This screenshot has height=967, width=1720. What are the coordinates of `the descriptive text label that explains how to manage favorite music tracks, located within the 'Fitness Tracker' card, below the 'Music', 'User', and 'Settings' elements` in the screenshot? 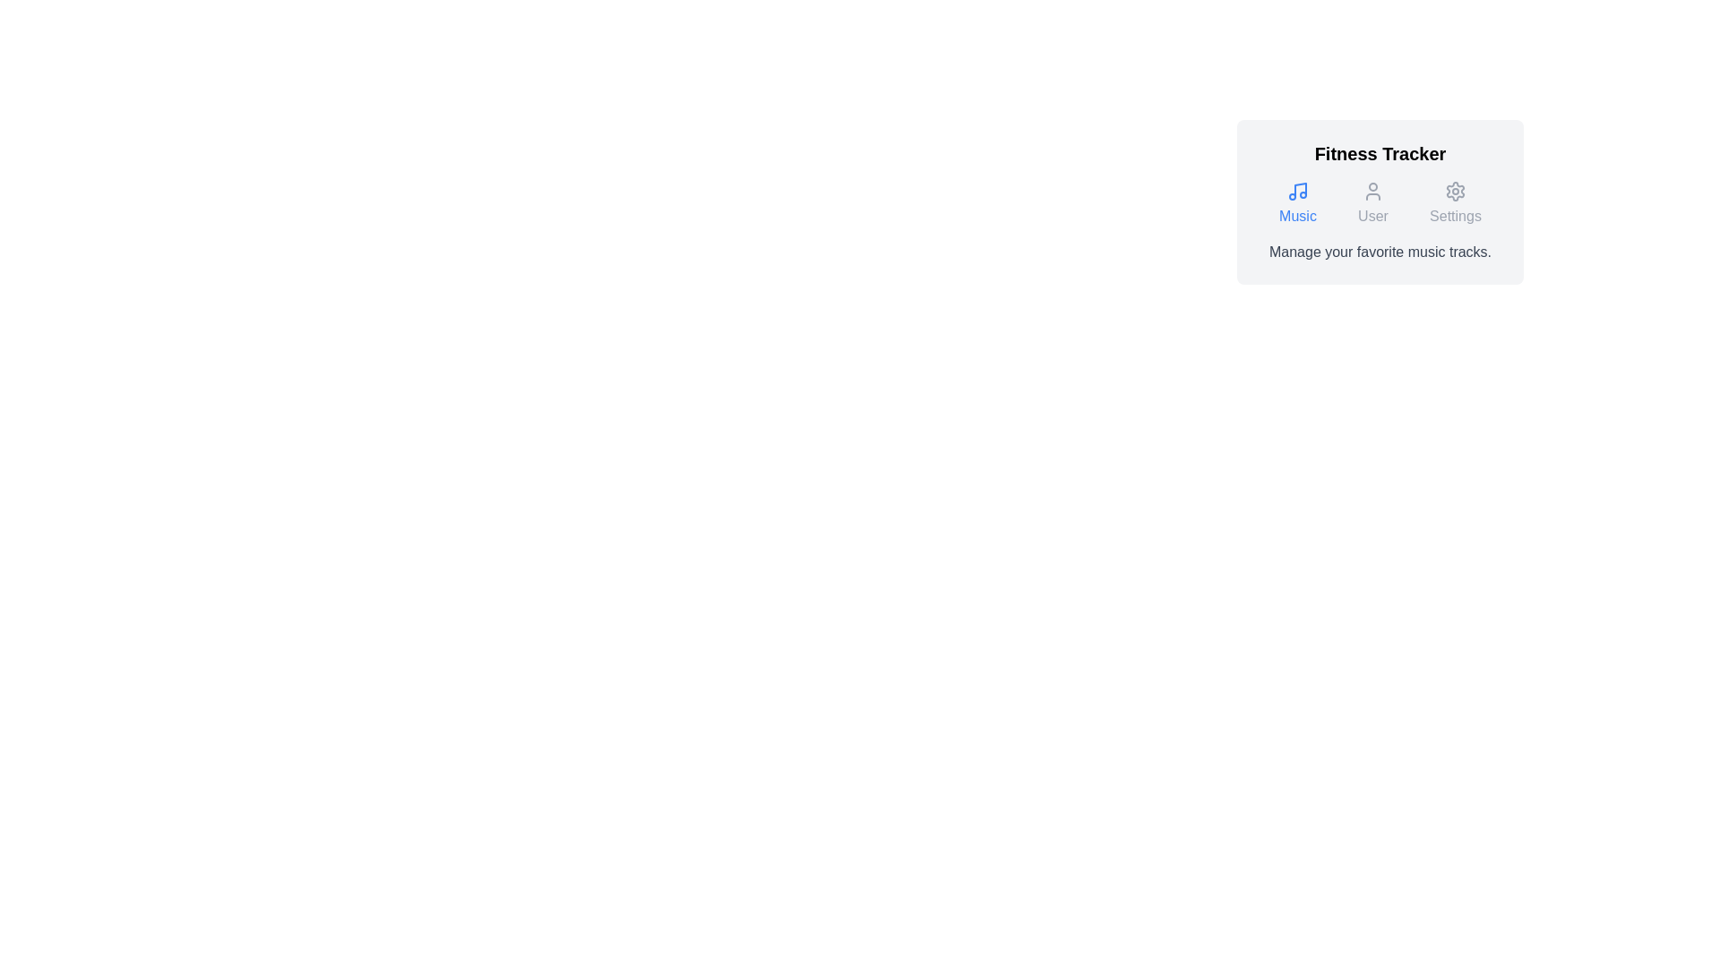 It's located at (1379, 252).